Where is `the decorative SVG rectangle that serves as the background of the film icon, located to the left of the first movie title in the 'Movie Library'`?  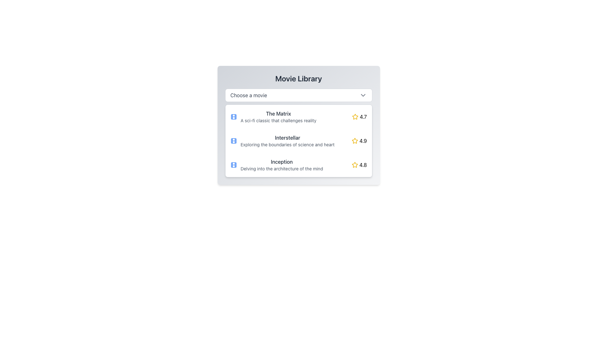 the decorative SVG rectangle that serves as the background of the film icon, located to the left of the first movie title in the 'Movie Library' is located at coordinates (233, 164).